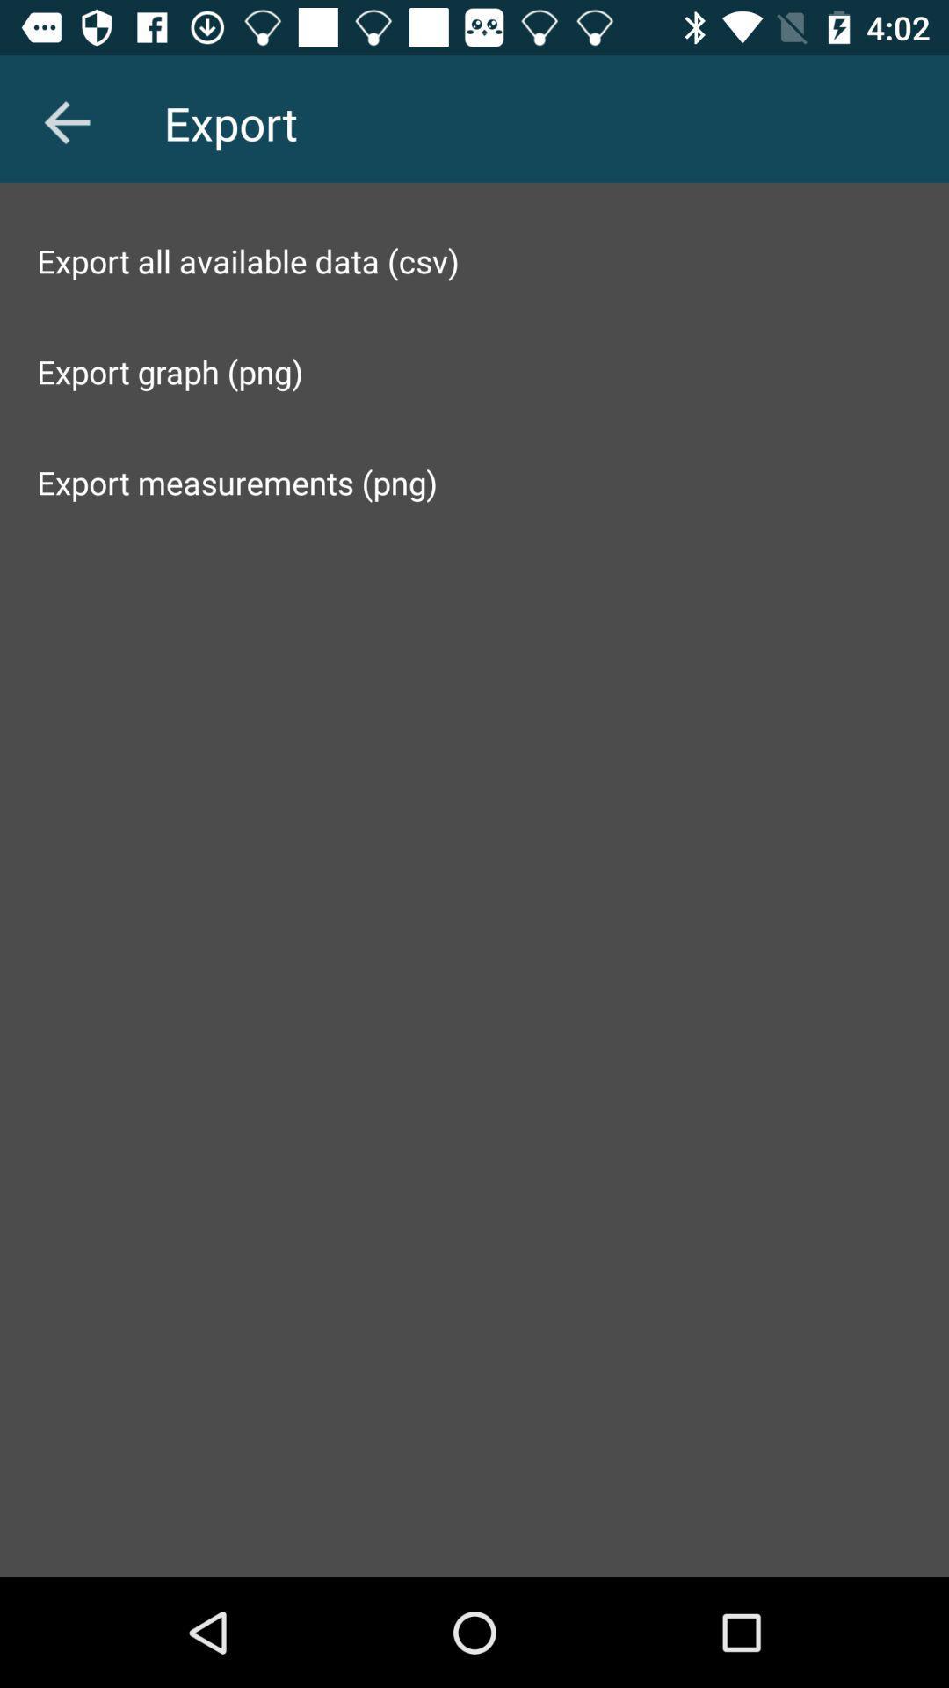 The height and width of the screenshot is (1688, 949). Describe the element at coordinates (66, 121) in the screenshot. I see `the arrow_backward icon` at that location.